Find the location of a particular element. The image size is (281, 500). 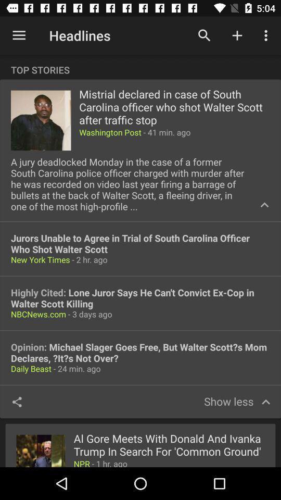

the expand_less icon is located at coordinates (264, 204).